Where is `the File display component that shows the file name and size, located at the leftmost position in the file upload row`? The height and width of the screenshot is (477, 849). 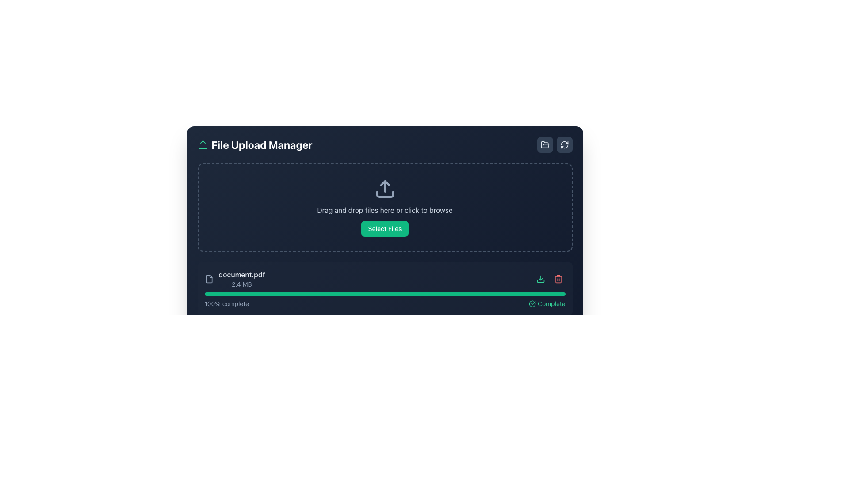 the File display component that shows the file name and size, located at the leftmost position in the file upload row is located at coordinates (234, 279).